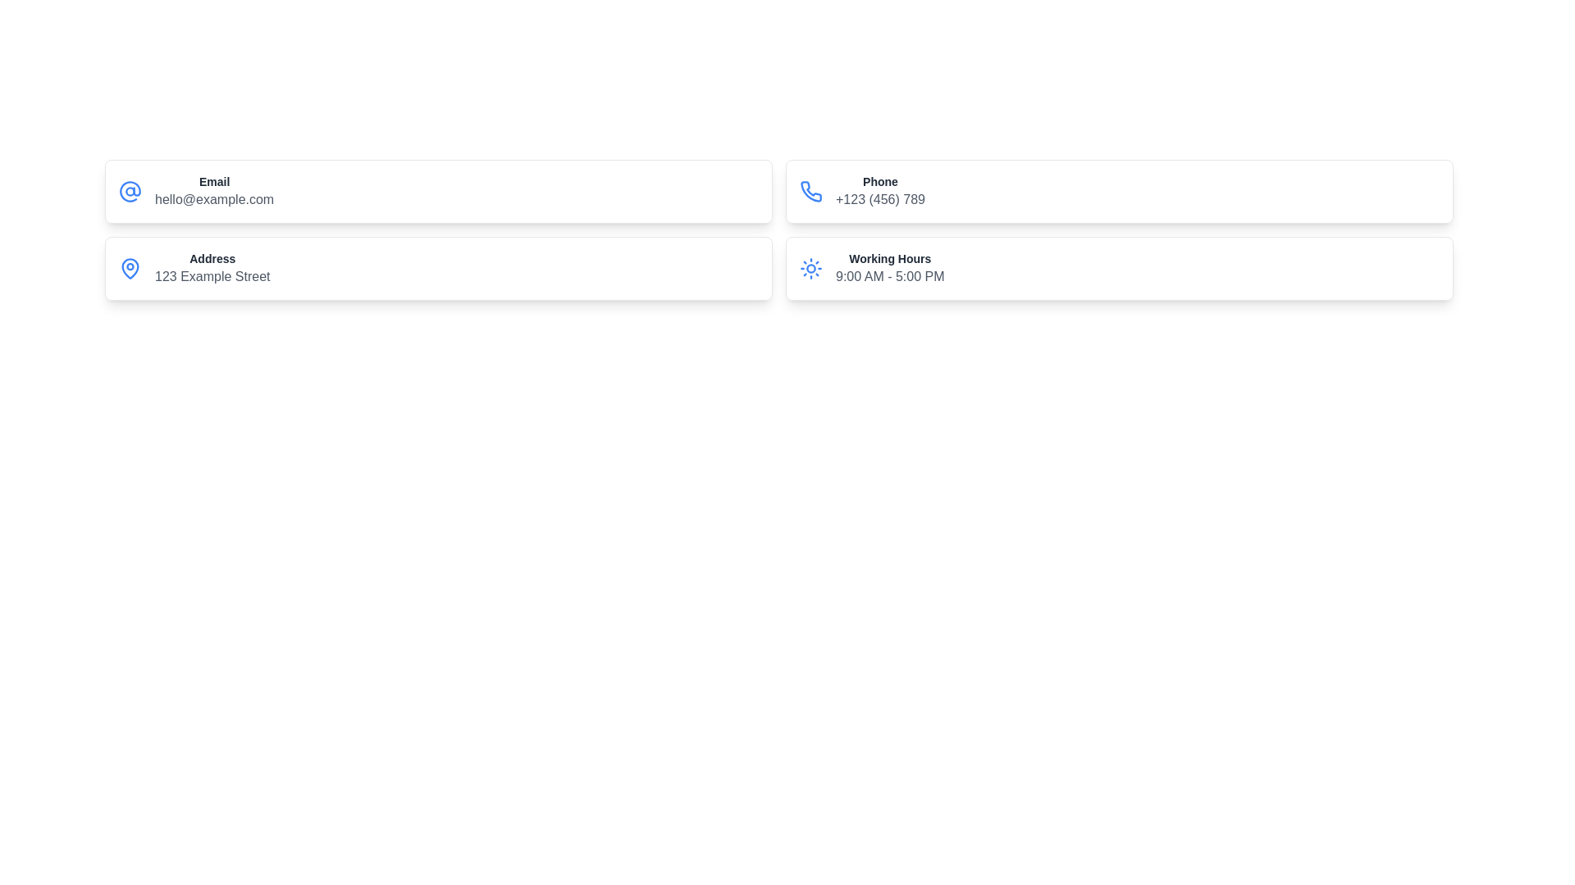  Describe the element at coordinates (213, 198) in the screenshot. I see `the non-interactive display of the email address located directly below the 'Email' label` at that location.